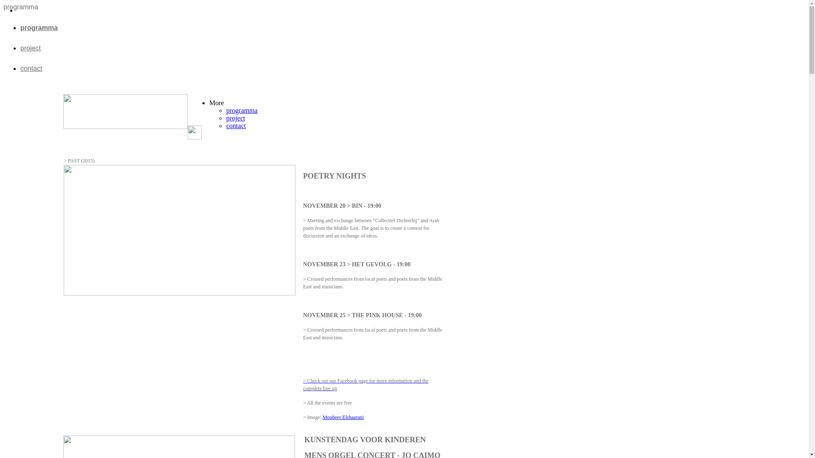 This screenshot has width=815, height=458. What do you see at coordinates (31, 48) in the screenshot?
I see `'project'` at bounding box center [31, 48].